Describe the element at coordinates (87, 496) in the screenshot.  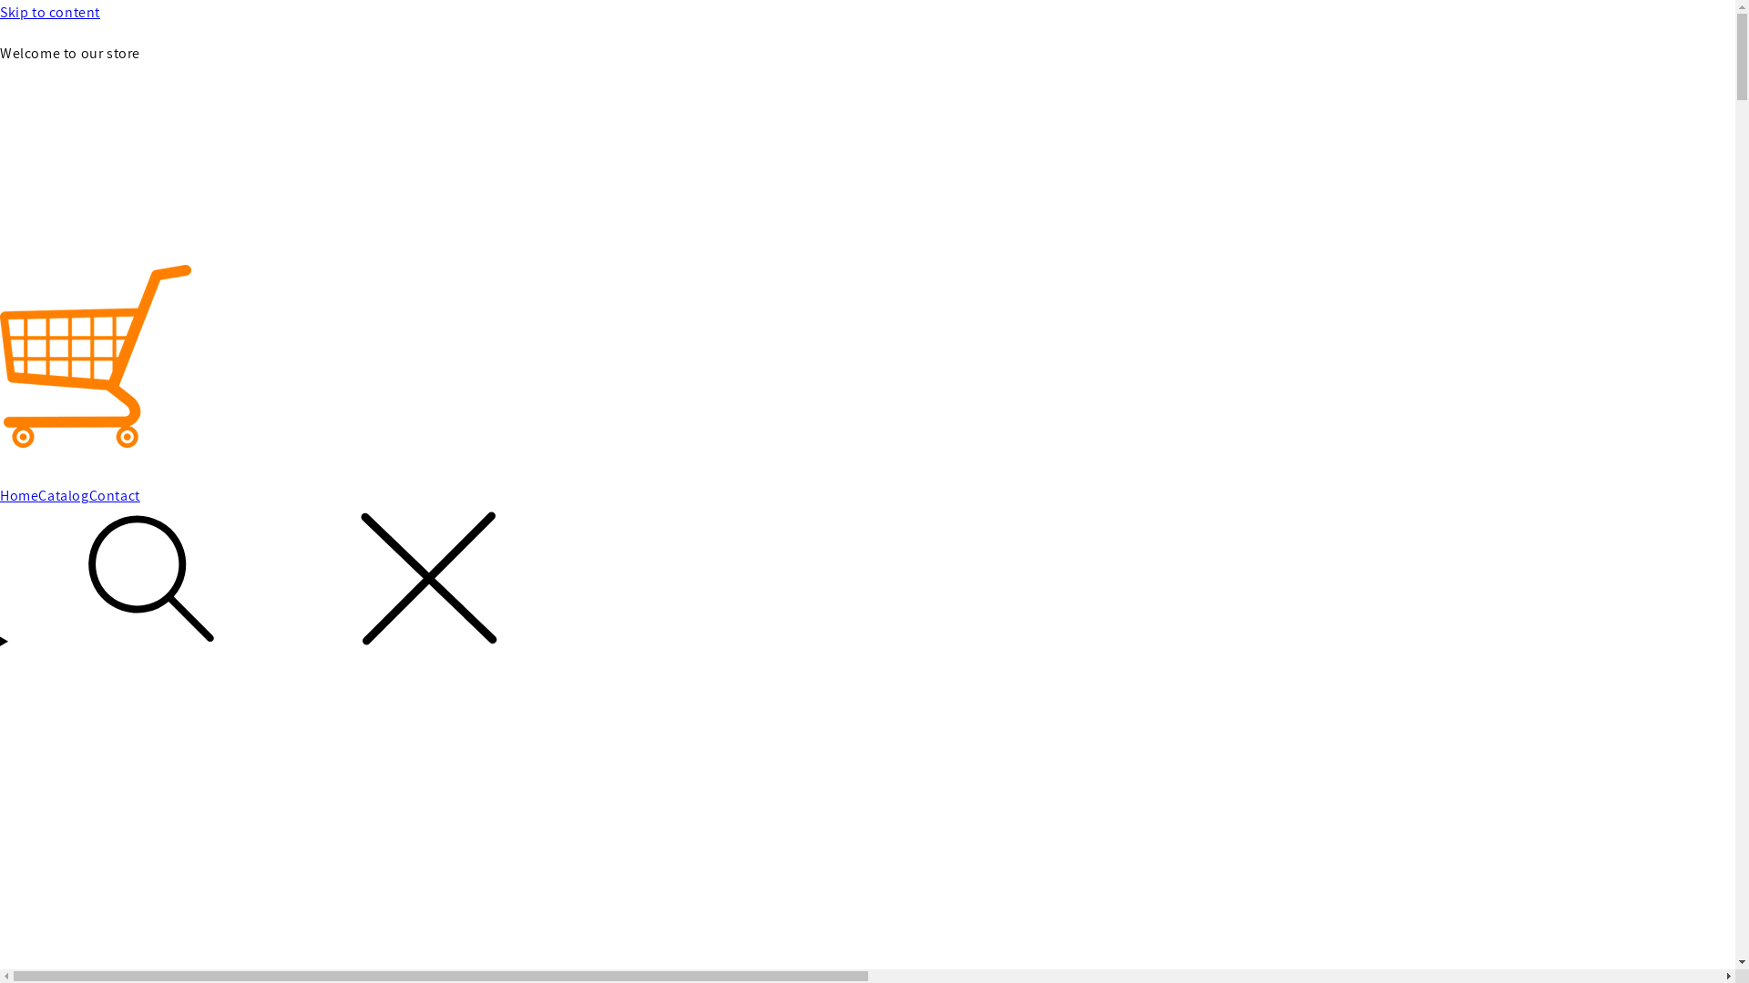
I see `'Contact'` at that location.